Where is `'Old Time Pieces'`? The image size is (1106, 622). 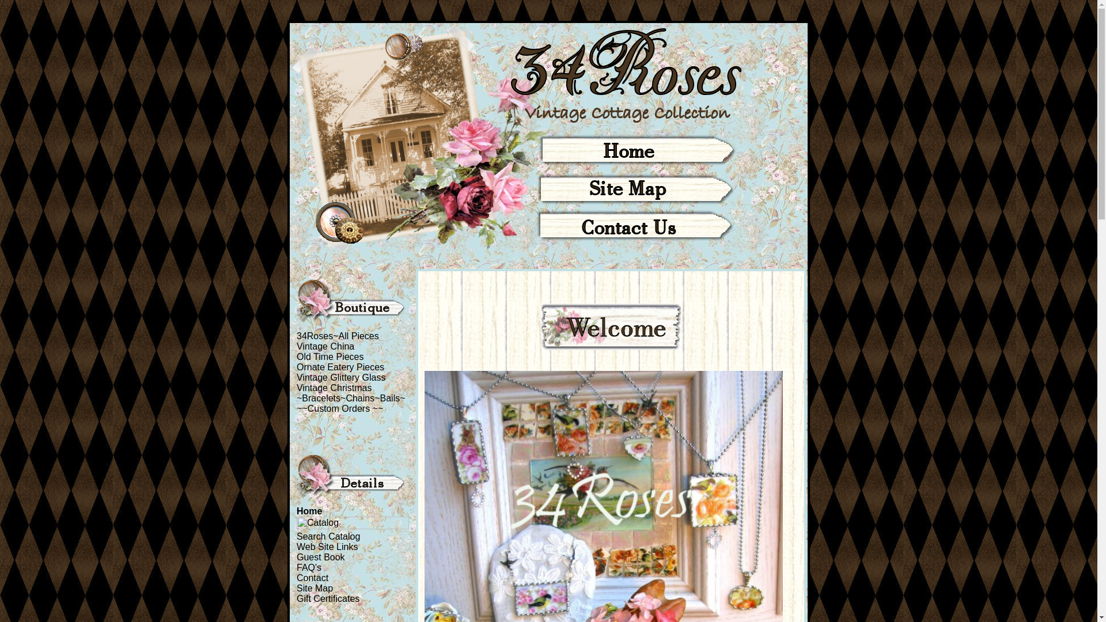
'Old Time Pieces' is located at coordinates (296, 356).